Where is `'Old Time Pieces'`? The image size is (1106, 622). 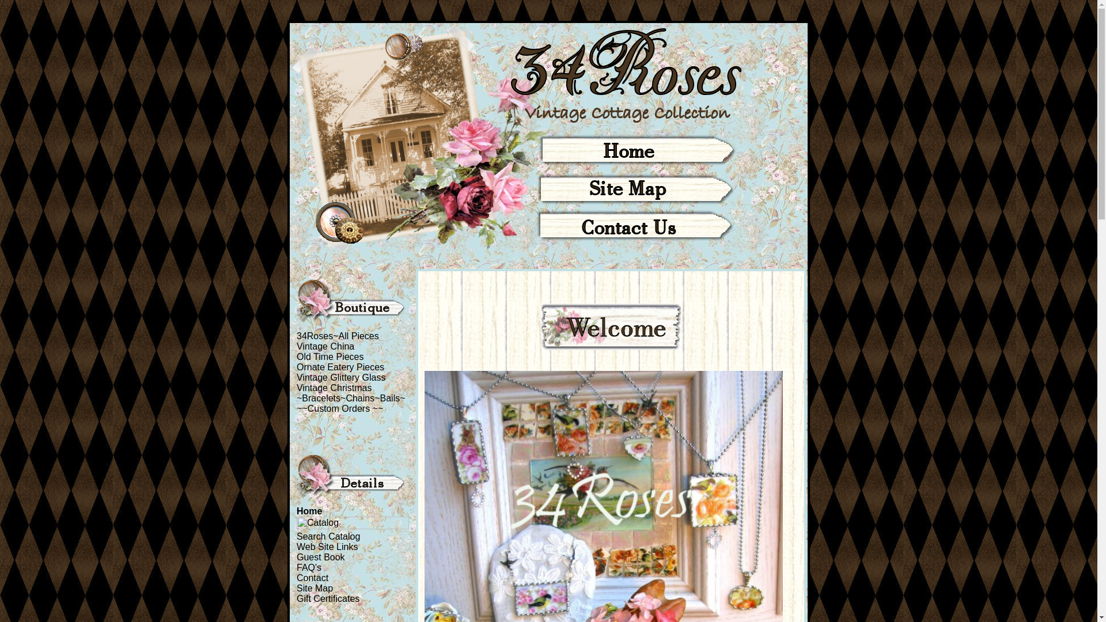
'Old Time Pieces' is located at coordinates (296, 356).